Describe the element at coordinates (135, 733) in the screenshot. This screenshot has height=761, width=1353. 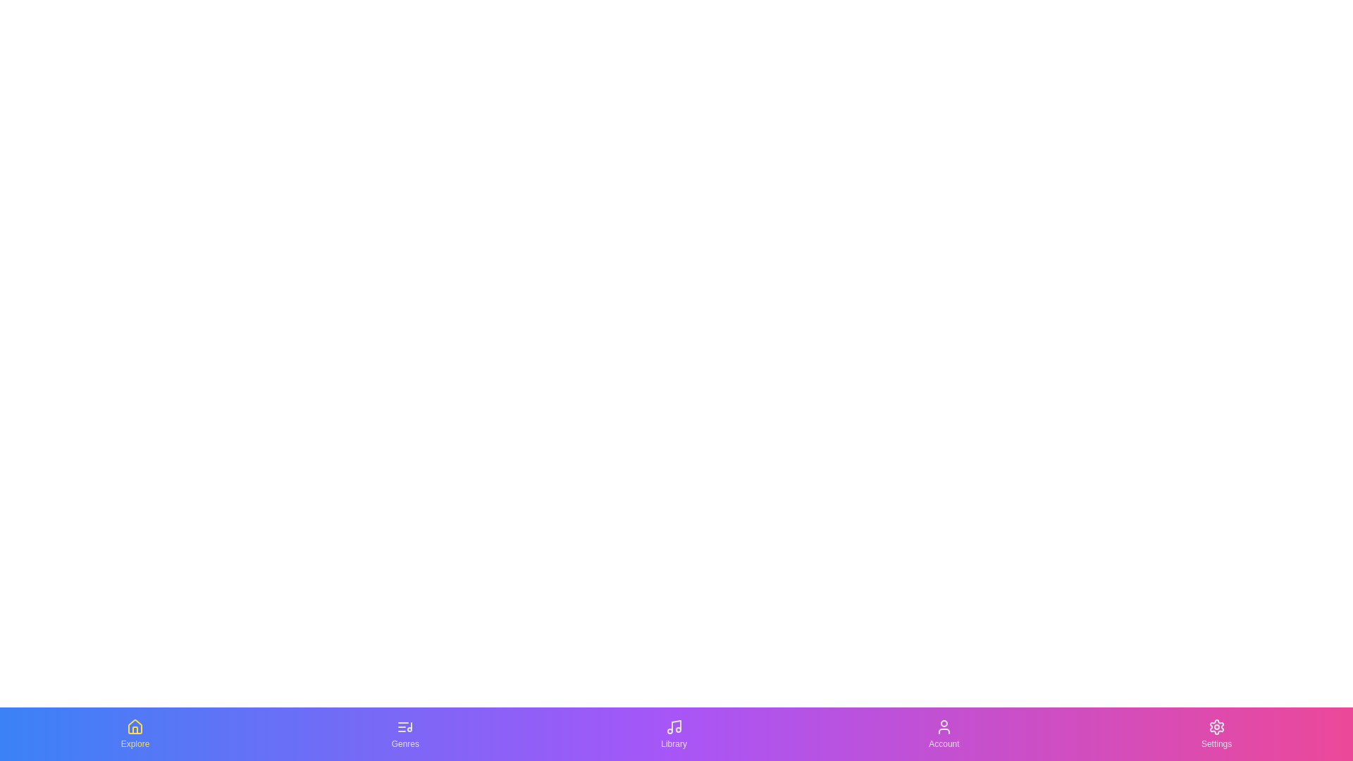
I see `the Explore tab to observe the hover effect` at that location.